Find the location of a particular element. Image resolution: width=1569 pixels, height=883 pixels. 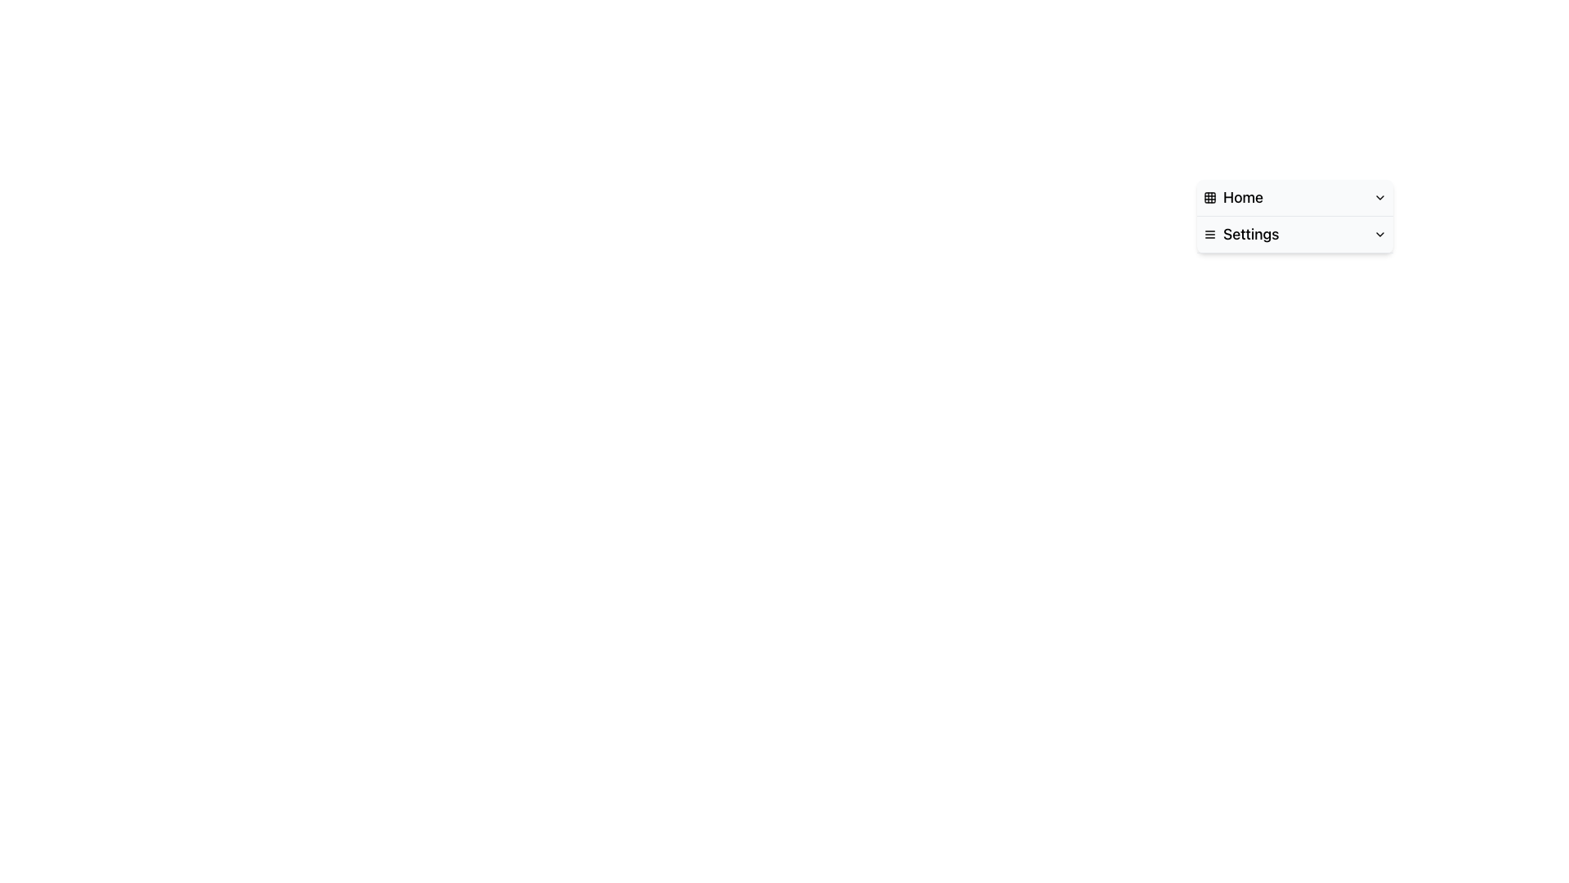

the grid icon is located at coordinates (1210, 197).